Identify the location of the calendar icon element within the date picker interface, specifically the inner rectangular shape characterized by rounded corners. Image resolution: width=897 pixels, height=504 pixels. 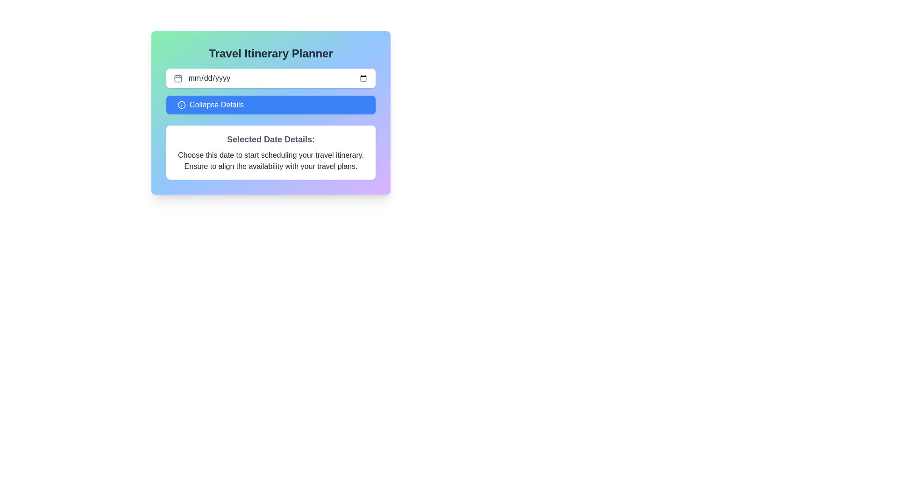
(178, 78).